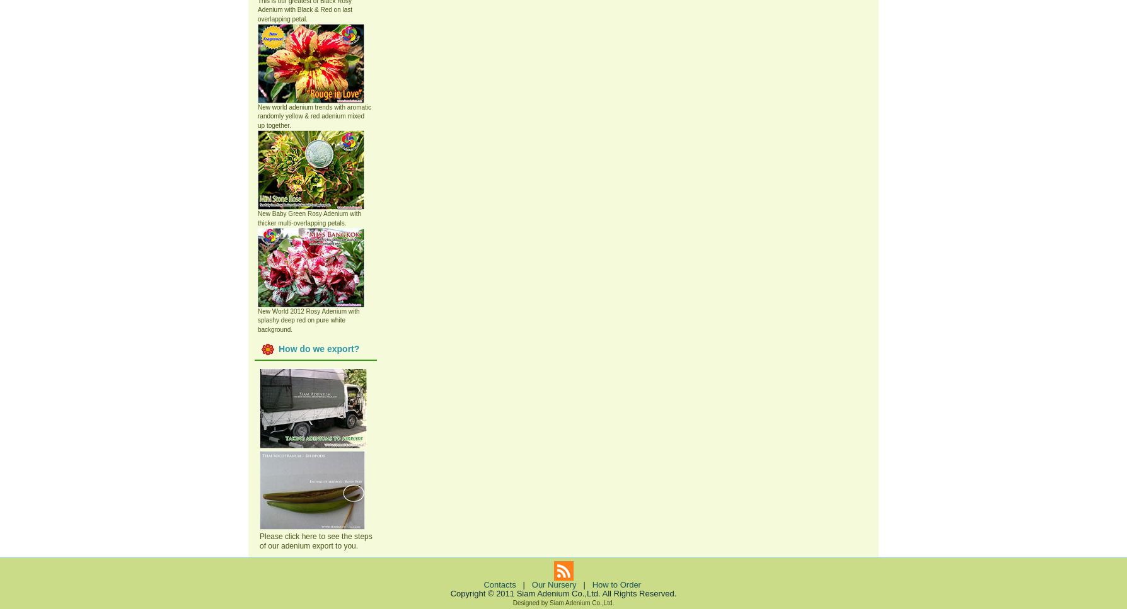 The width and height of the screenshot is (1127, 609). Describe the element at coordinates (499, 584) in the screenshot. I see `'Contacts'` at that location.